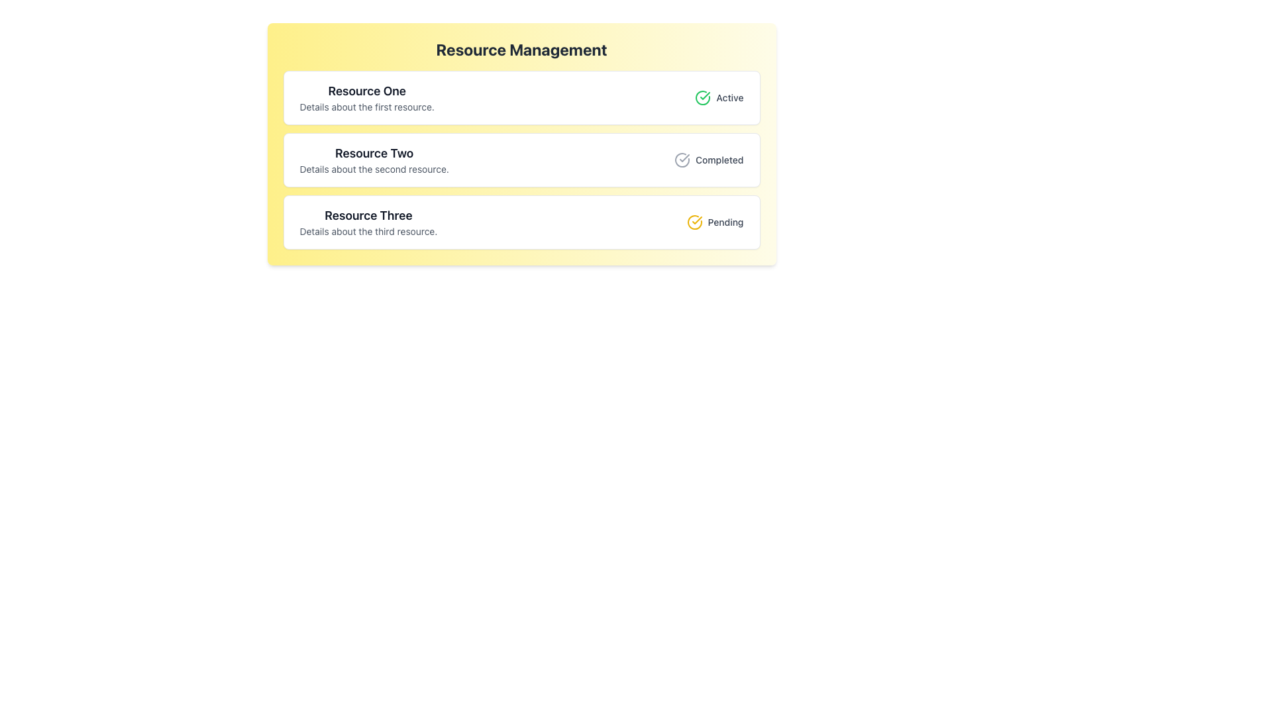 This screenshot has width=1272, height=715. Describe the element at coordinates (368, 231) in the screenshot. I see `descriptive text label that says 'Details about the third resource.' located beneath the title 'Resource Three.'` at that location.